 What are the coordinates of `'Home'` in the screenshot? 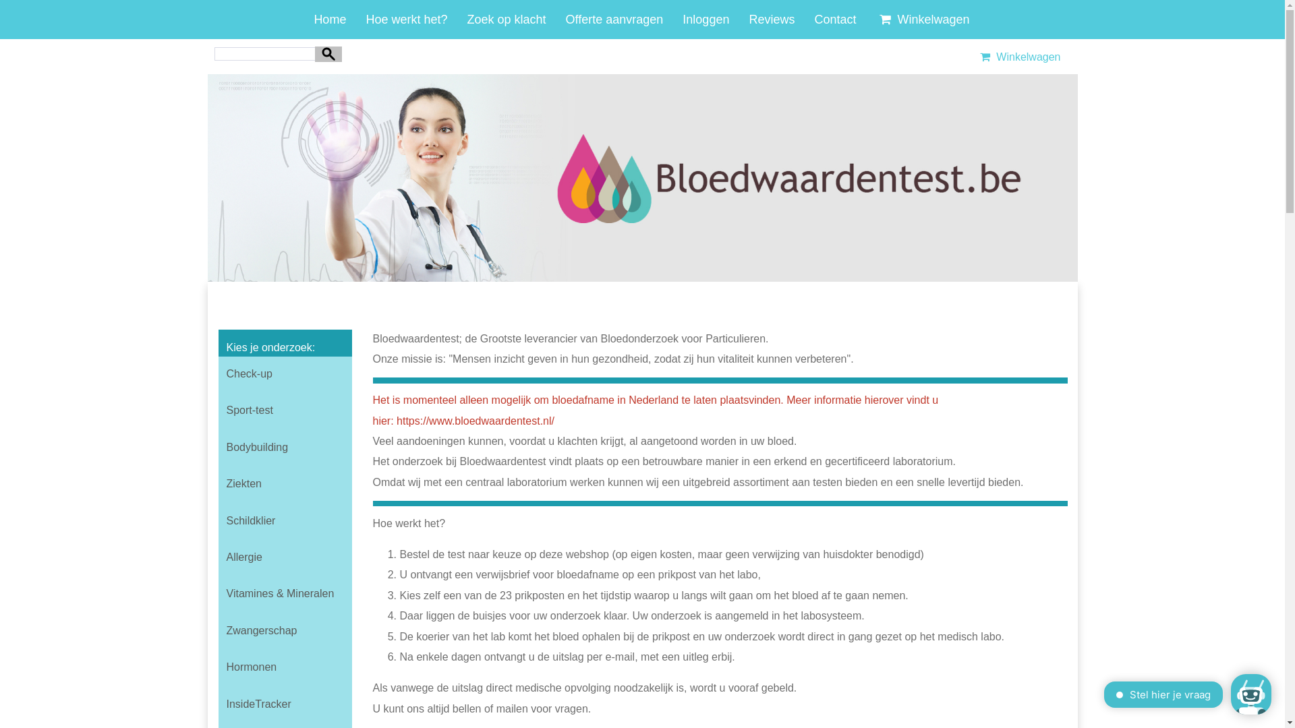 It's located at (330, 20).